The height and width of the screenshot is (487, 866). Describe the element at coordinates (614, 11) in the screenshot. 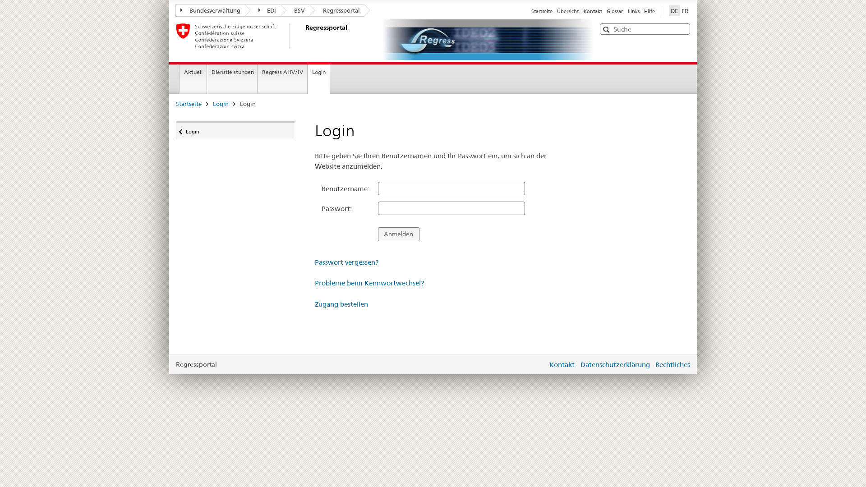

I see `'Glossar'` at that location.